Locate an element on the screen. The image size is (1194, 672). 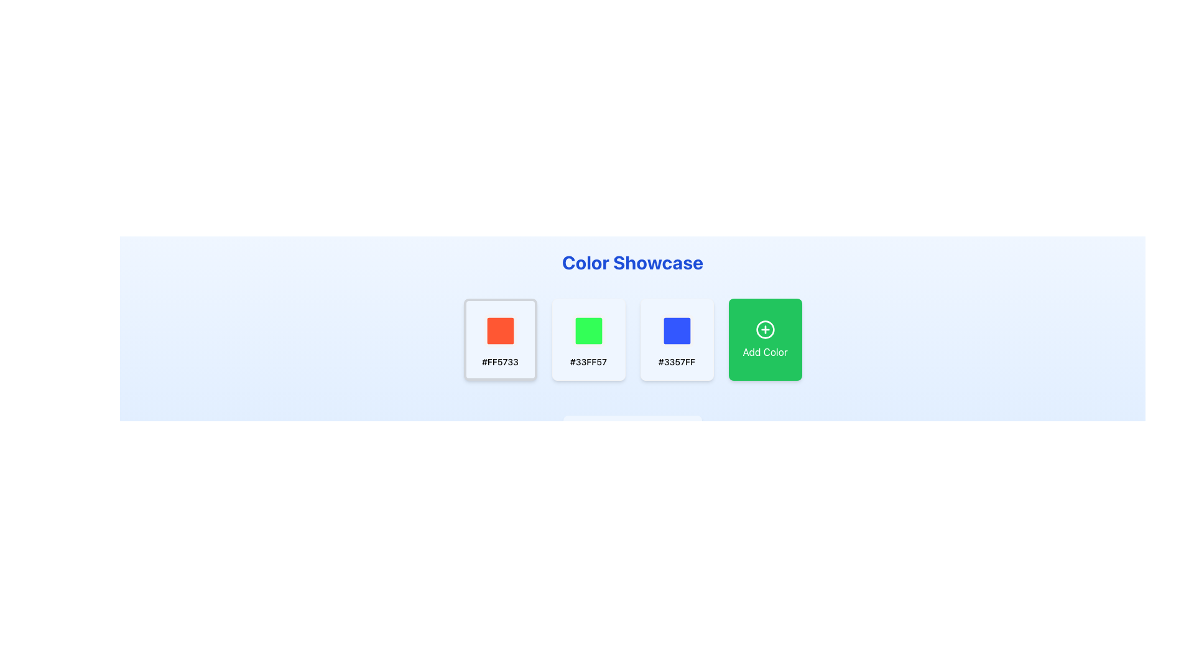
the green 'Add Color' button located in the bottom-right corner of the grid, which contains a white circular plus icon and triggers an action when clicked is located at coordinates (764, 340).